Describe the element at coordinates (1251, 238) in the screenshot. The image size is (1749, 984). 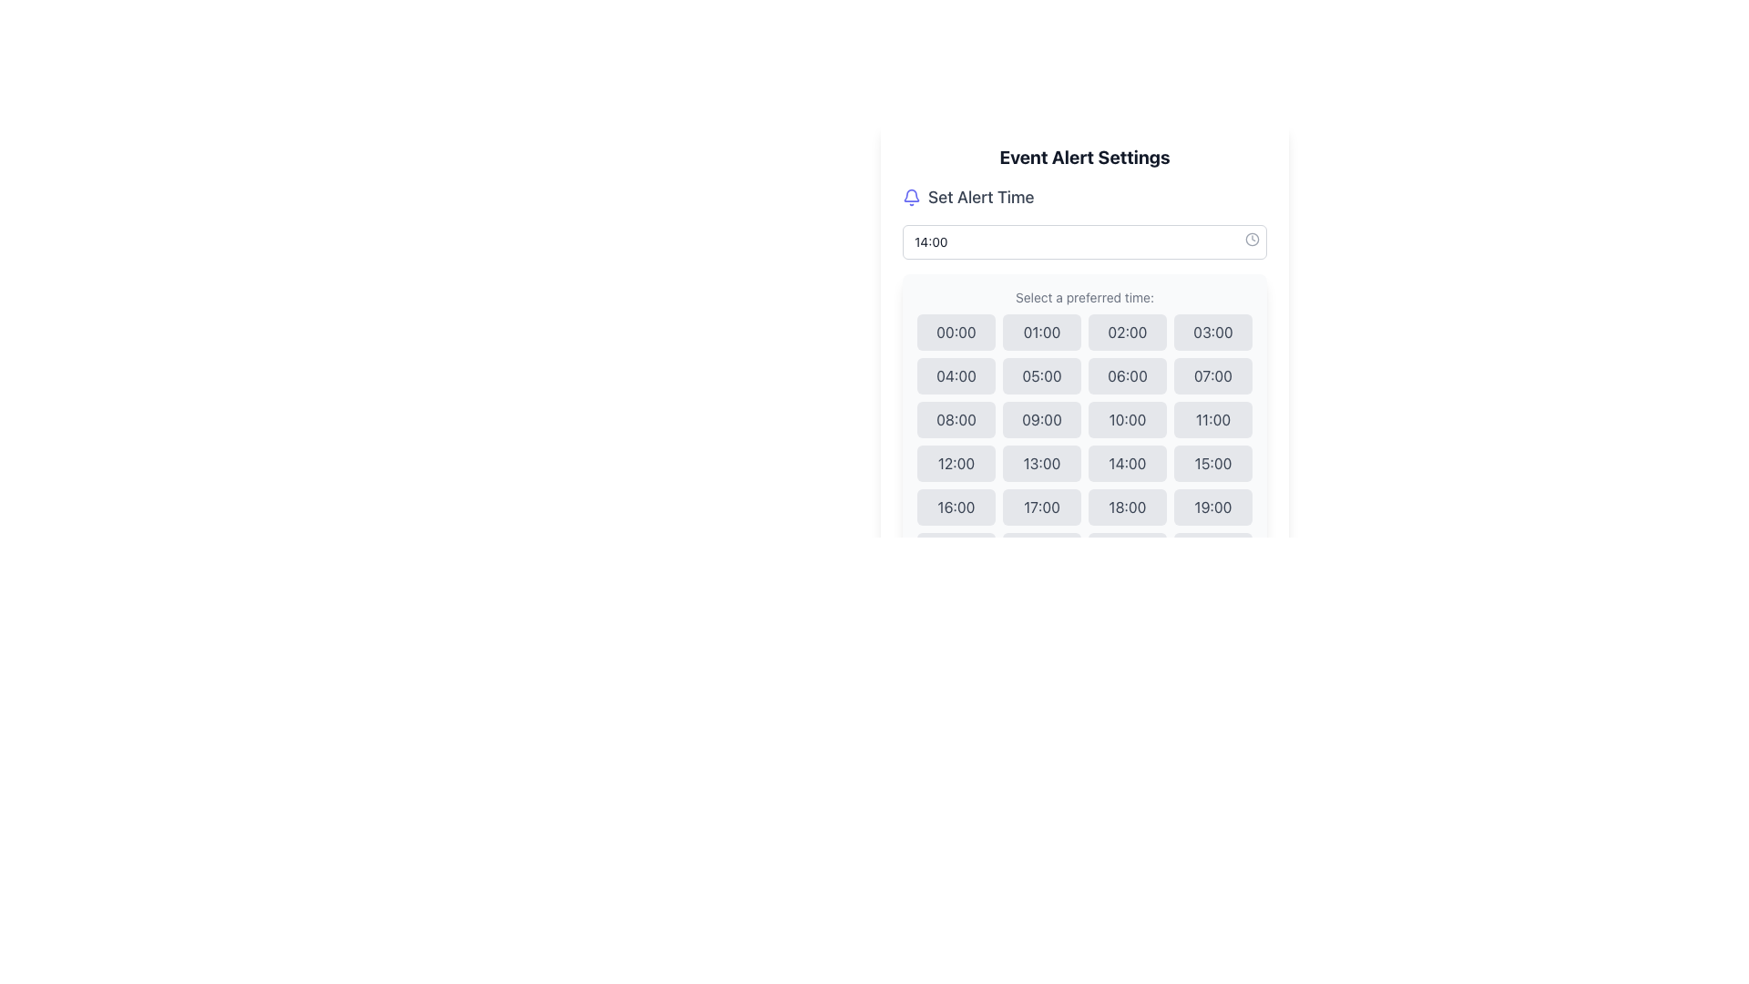
I see `the small gray clock icon located in the top-right corner of the alert time input field` at that location.